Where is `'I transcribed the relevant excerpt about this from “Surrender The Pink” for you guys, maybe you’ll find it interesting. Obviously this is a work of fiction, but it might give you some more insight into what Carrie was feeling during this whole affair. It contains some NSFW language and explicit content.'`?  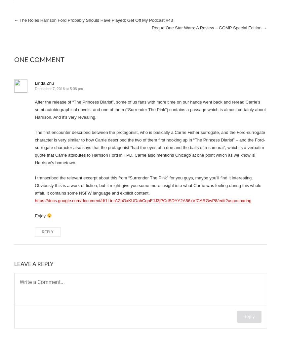
'I transcribed the relevant excerpt about this from “Surrender The Pink” for you guys, maybe you’ll find it interesting. Obviously this is a work of fiction, but it might give you some more insight into what Carrie was feeling during this whole affair. It contains some NSFW language and explicit content.' is located at coordinates (147, 185).